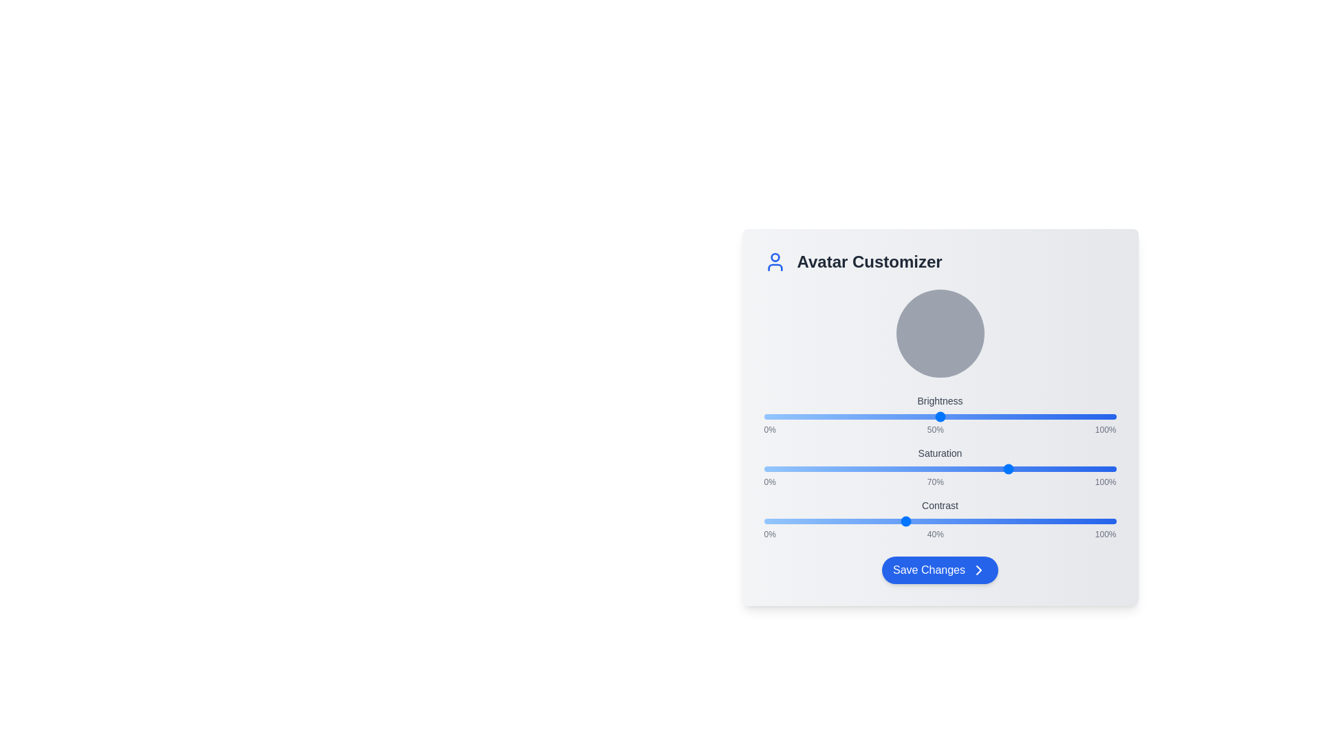 This screenshot has height=743, width=1321. What do you see at coordinates (766, 521) in the screenshot?
I see `the contrast slider to 1%` at bounding box center [766, 521].